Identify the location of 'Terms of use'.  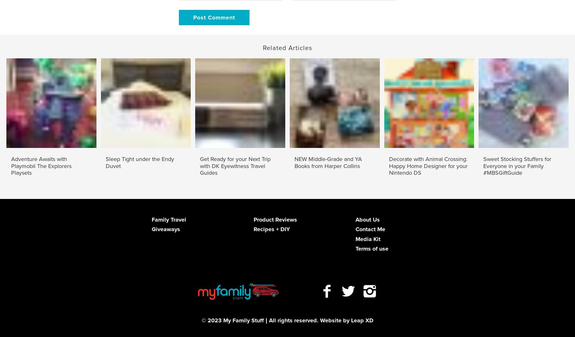
(371, 248).